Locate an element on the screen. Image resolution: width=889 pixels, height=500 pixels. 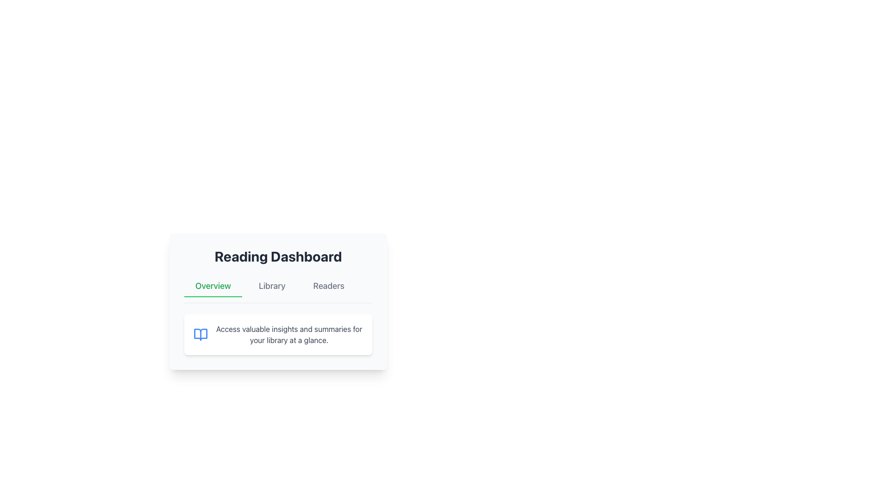
the left half of the open book icon within the SVG image located in the content card beneath the 'Overview' section of the dashboard is located at coordinates (200, 334).